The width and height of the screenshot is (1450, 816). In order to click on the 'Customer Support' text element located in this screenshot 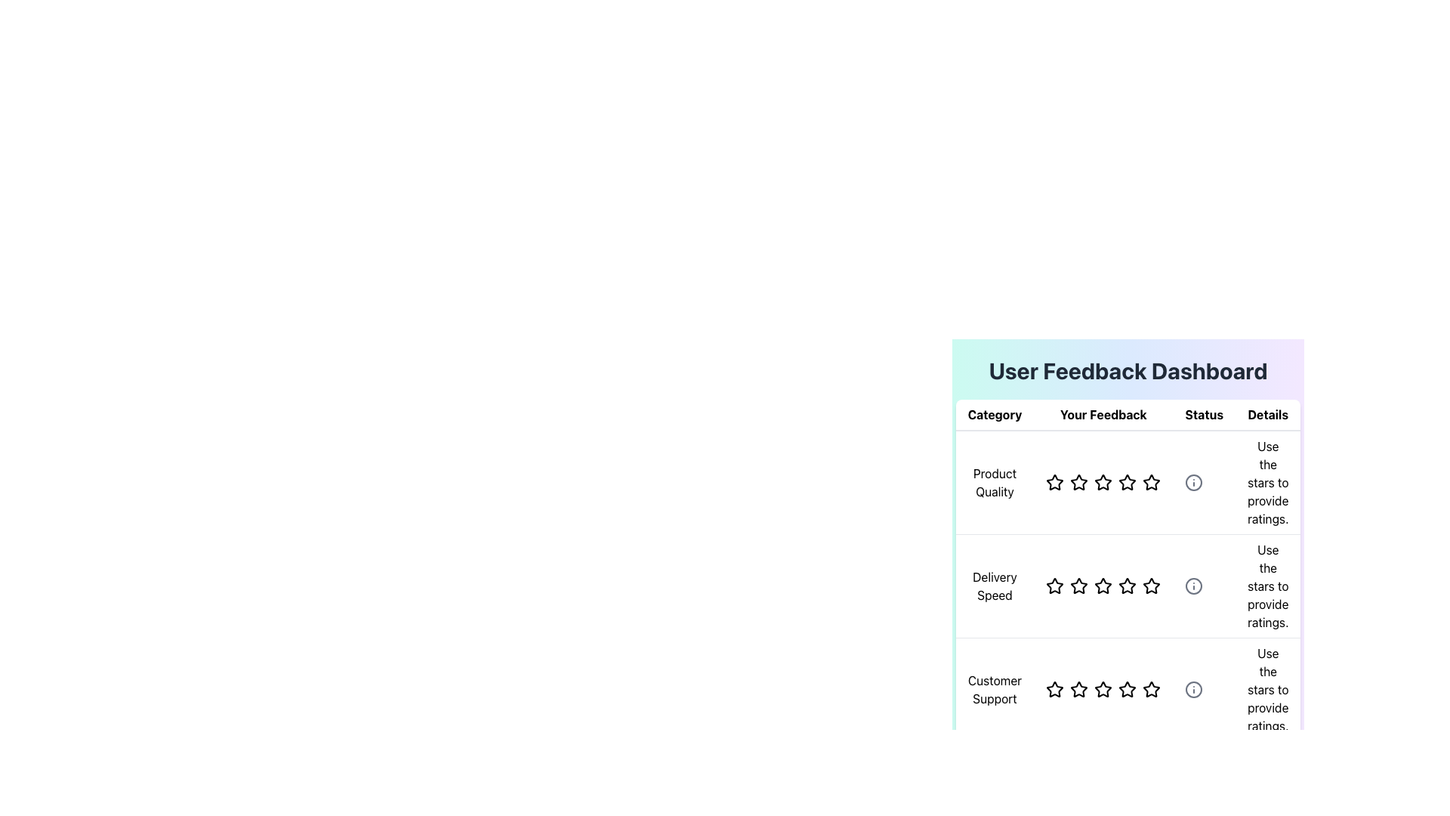, I will do `click(995, 690)`.